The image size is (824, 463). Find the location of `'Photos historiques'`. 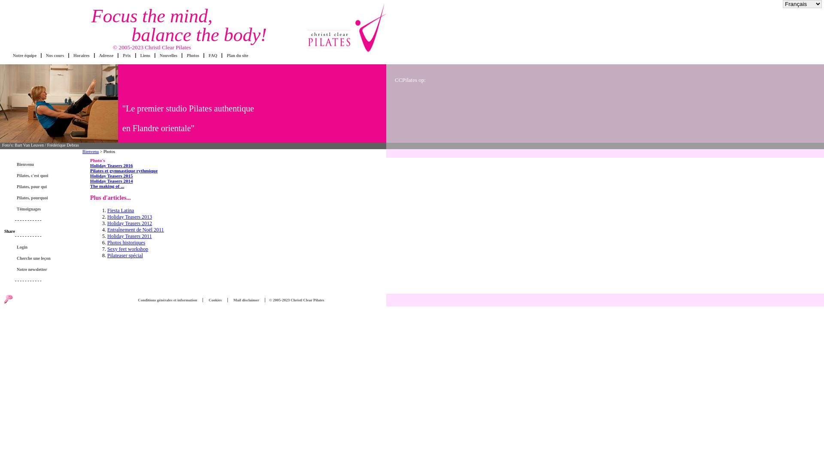

'Photos historiques' is located at coordinates (125, 243).